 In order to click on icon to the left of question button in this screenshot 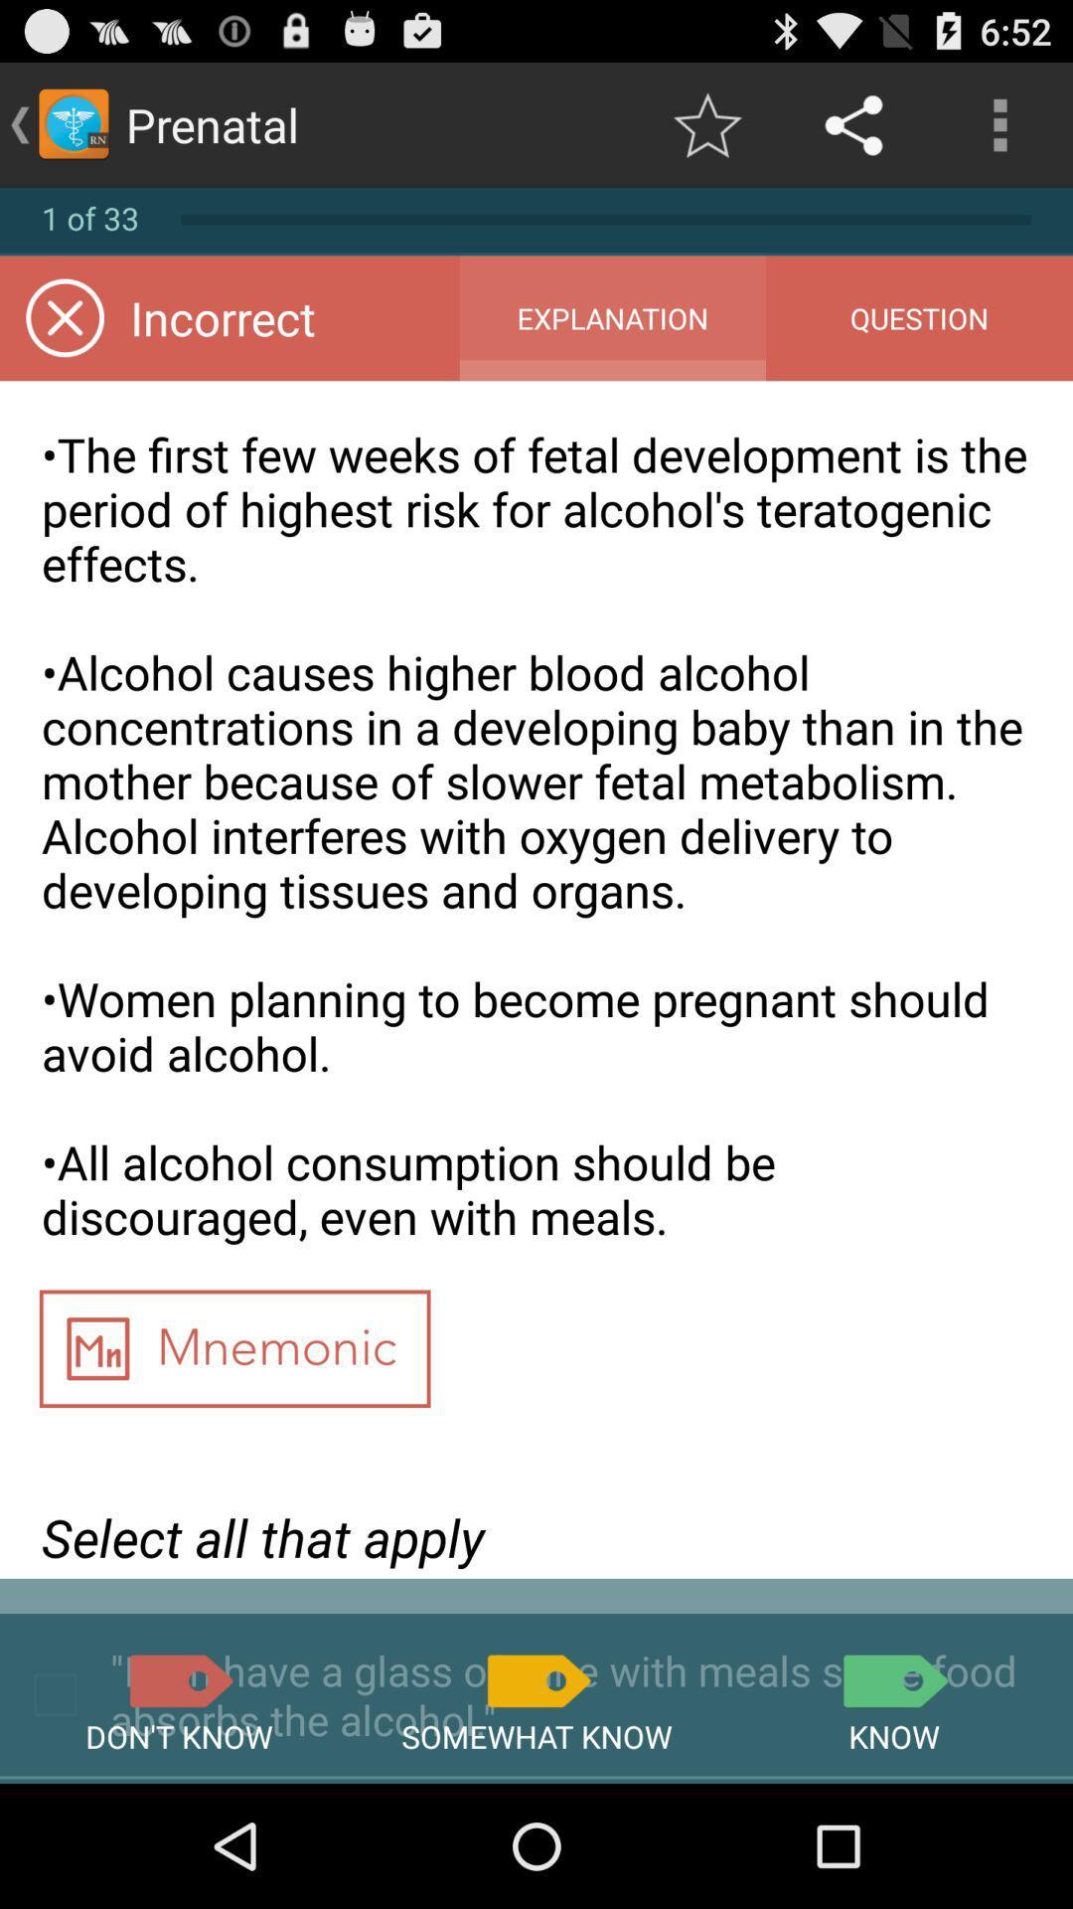, I will do `click(611, 318)`.